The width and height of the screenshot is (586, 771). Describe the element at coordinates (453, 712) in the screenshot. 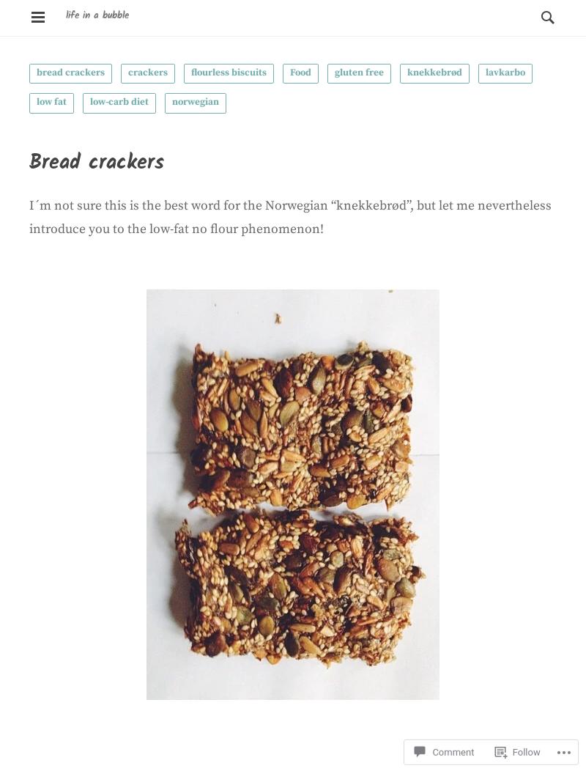

I see `'Comment'` at that location.